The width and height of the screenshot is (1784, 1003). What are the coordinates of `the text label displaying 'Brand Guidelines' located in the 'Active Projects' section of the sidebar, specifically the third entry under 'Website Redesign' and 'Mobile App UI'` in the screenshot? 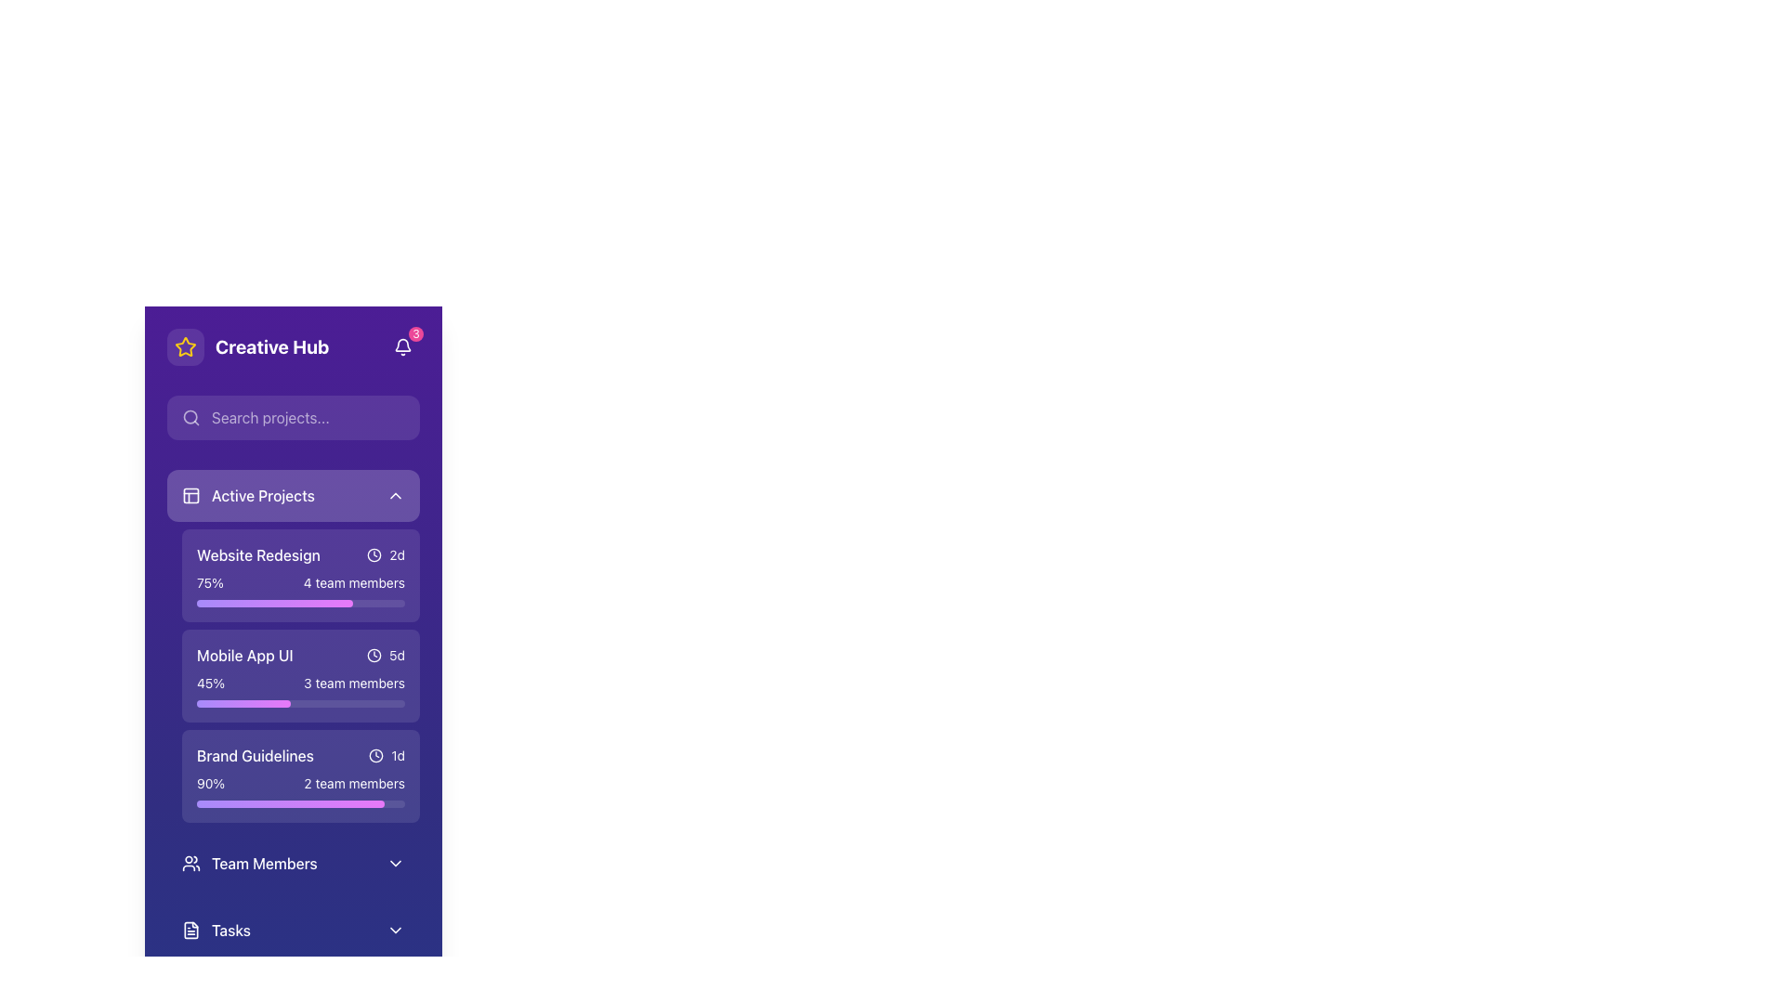 It's located at (254, 755).